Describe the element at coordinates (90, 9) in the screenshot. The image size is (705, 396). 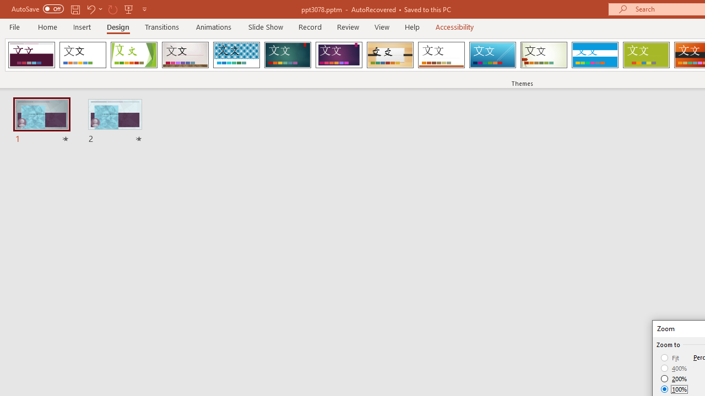
I see `'Undo'` at that location.